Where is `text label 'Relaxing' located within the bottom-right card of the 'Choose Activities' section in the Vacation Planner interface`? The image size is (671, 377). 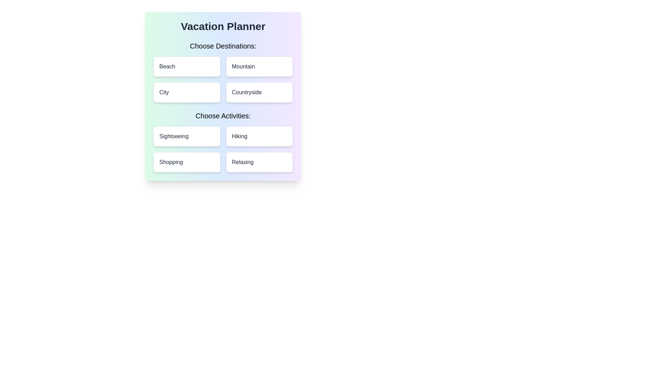 text label 'Relaxing' located within the bottom-right card of the 'Choose Activities' section in the Vacation Planner interface is located at coordinates (243, 162).